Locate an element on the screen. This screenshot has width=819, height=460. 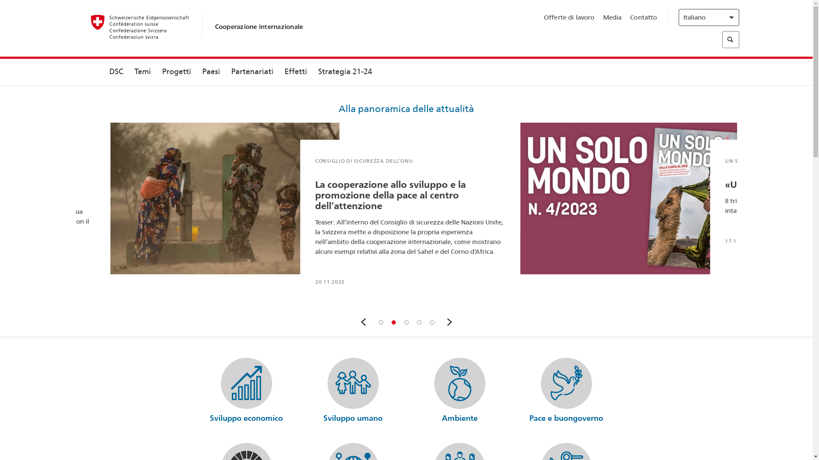
'Temi' is located at coordinates (142, 72).